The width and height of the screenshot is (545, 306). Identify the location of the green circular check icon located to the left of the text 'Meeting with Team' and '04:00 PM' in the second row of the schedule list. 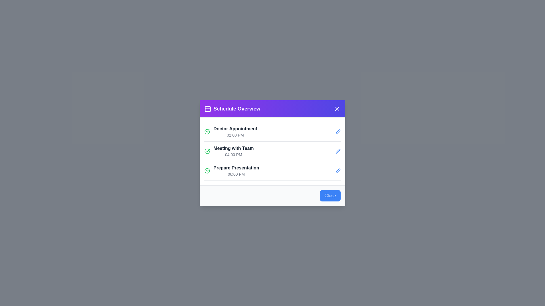
(207, 151).